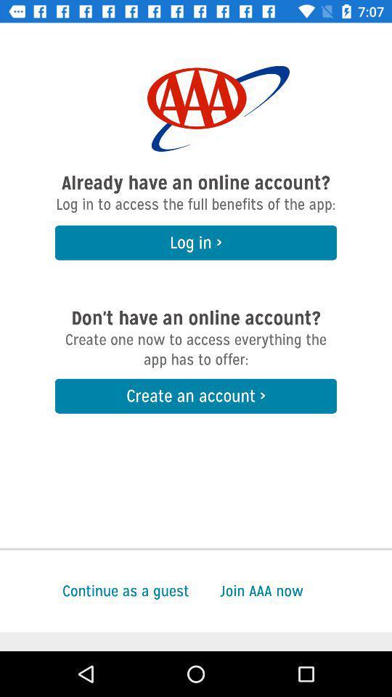 This screenshot has width=392, height=697. Describe the element at coordinates (94, 591) in the screenshot. I see `item to the left of the join aaa now icon` at that location.